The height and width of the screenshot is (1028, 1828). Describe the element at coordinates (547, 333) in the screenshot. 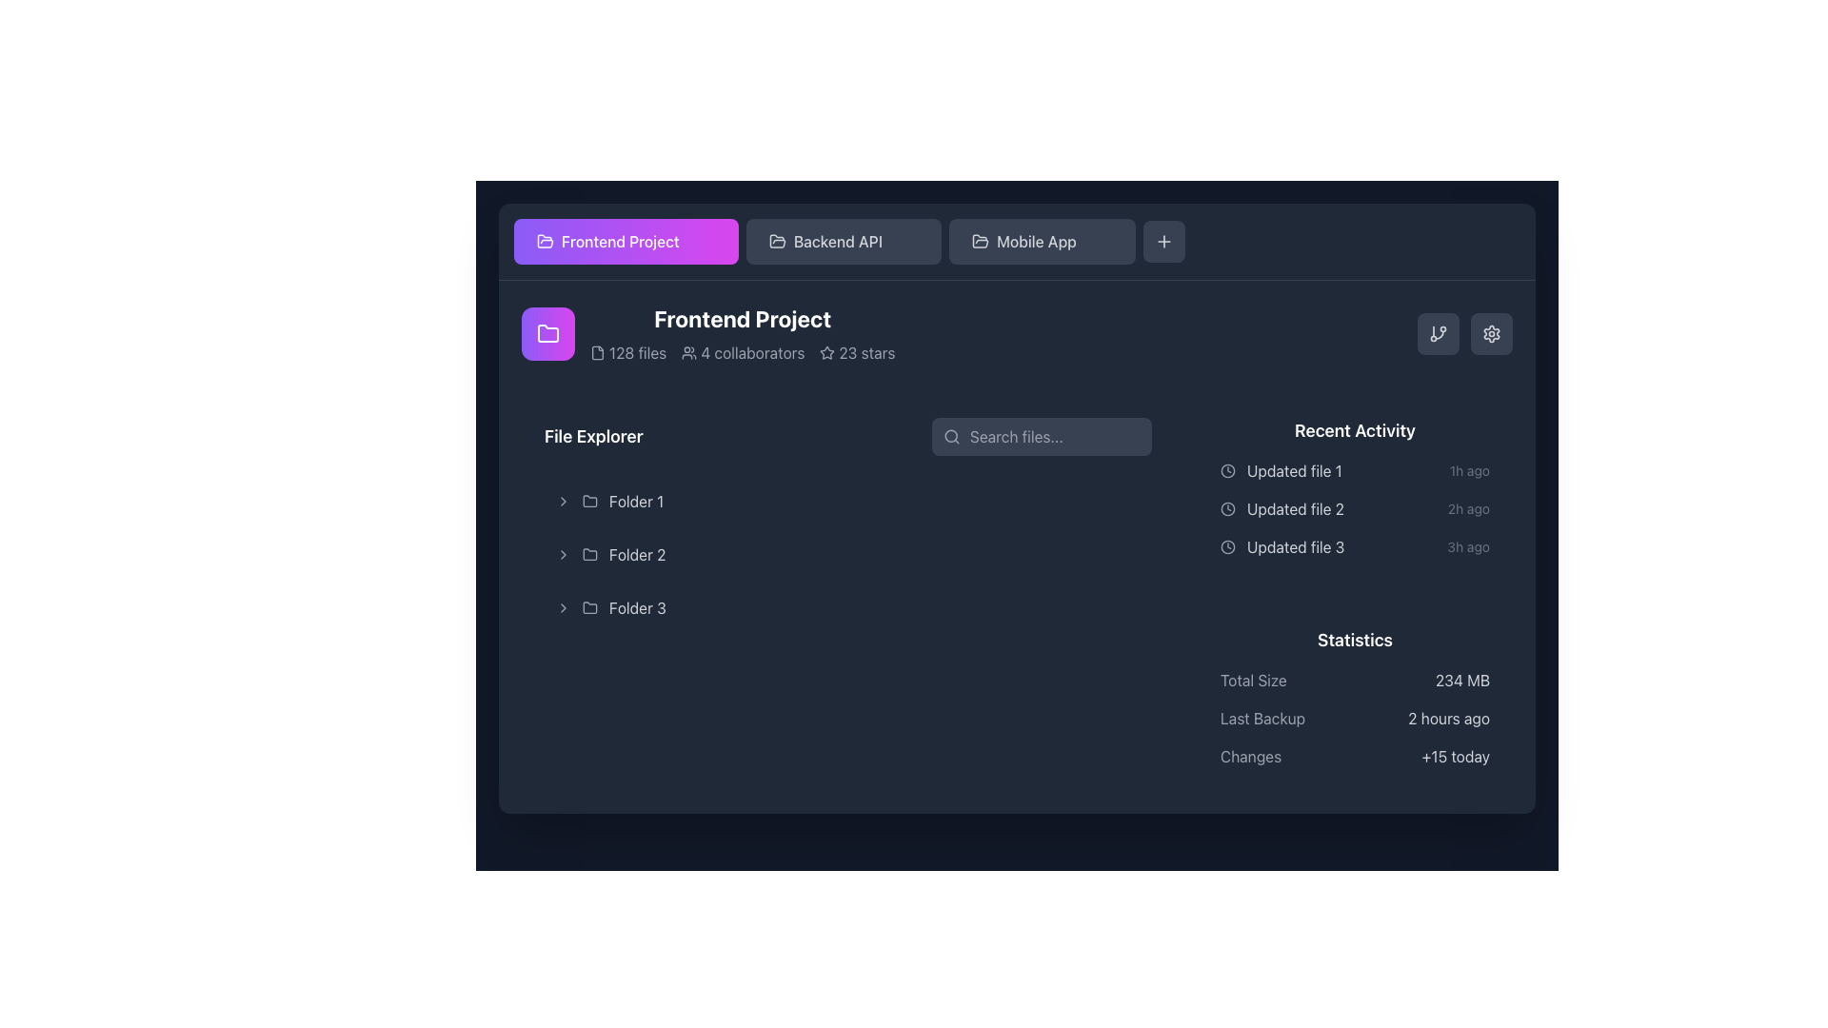

I see `the graphical icon representing the 'Frontend Project' section, located to the left of the text 'Frontend Project'` at that location.